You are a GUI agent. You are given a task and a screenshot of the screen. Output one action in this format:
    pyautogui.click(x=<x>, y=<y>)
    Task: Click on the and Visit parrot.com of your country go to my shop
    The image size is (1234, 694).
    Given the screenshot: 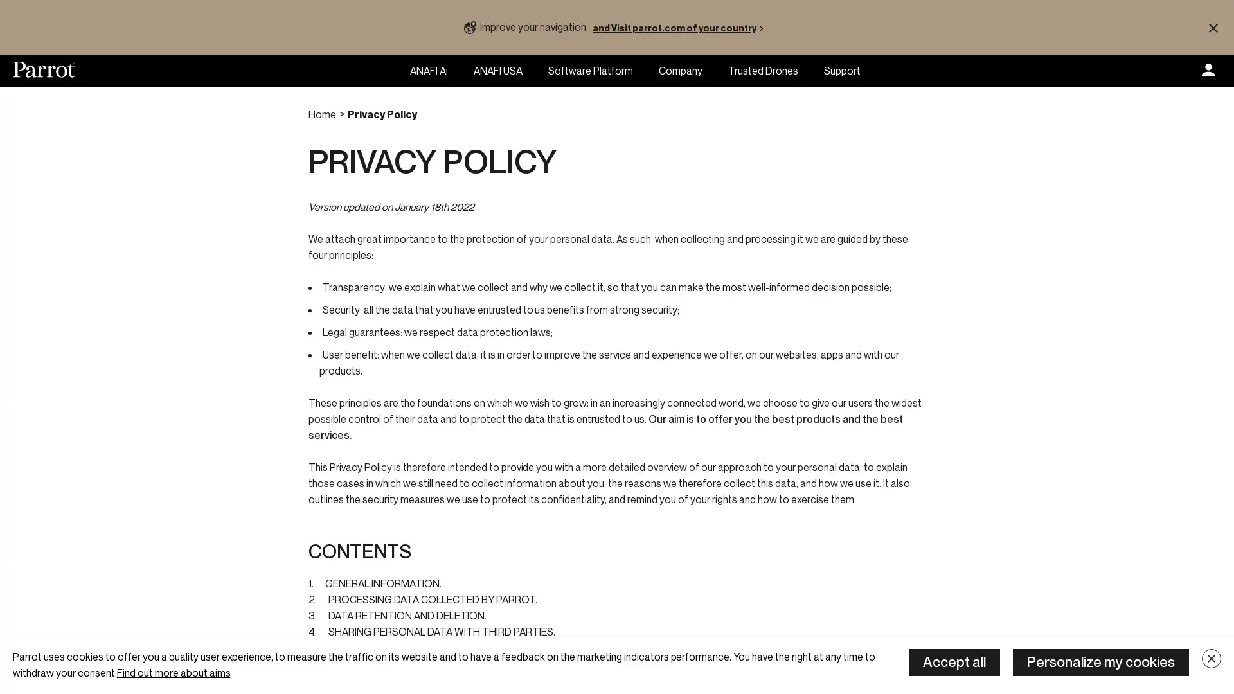 What is the action you would take?
    pyautogui.click(x=680, y=27)
    